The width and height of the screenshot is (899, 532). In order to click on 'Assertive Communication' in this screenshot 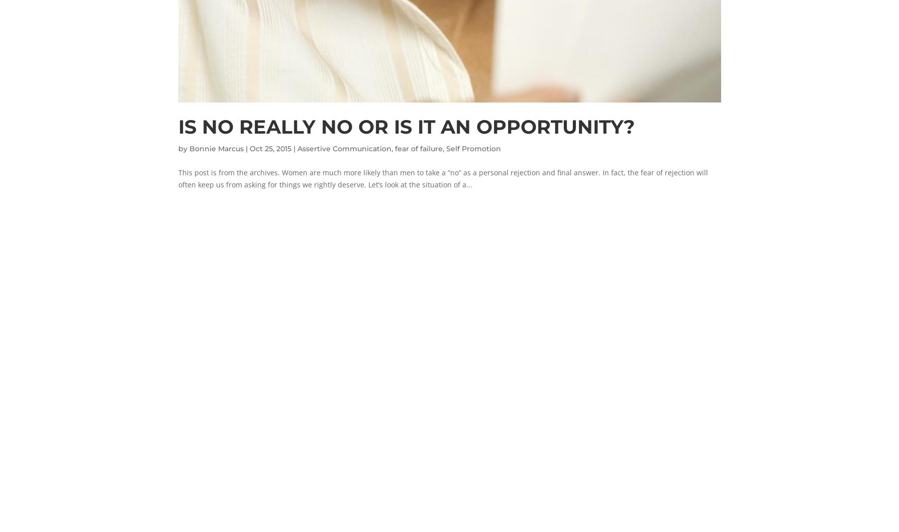, I will do `click(344, 148)`.